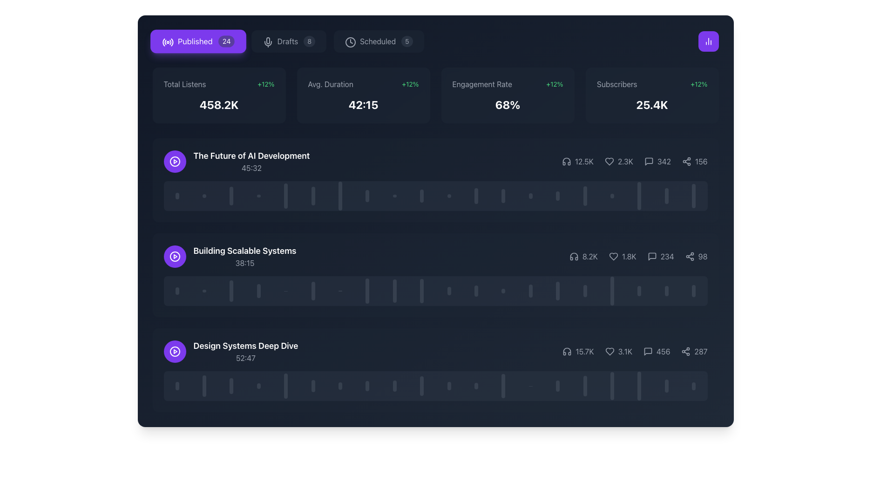 This screenshot has height=503, width=894. I want to click on the numeric count of subscribers displayed at the bottom of the statistic card, which is positioned below the 'Subscribers' label, so click(651, 104).